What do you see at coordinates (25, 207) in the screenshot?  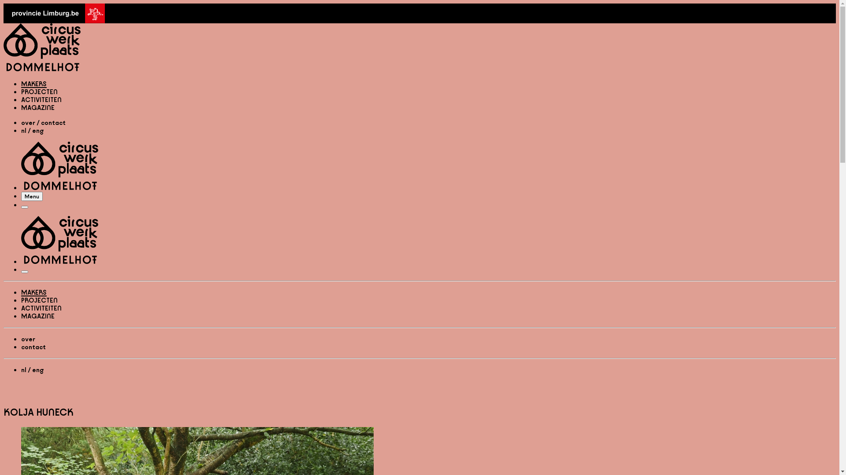 I see `'Menu'` at bounding box center [25, 207].